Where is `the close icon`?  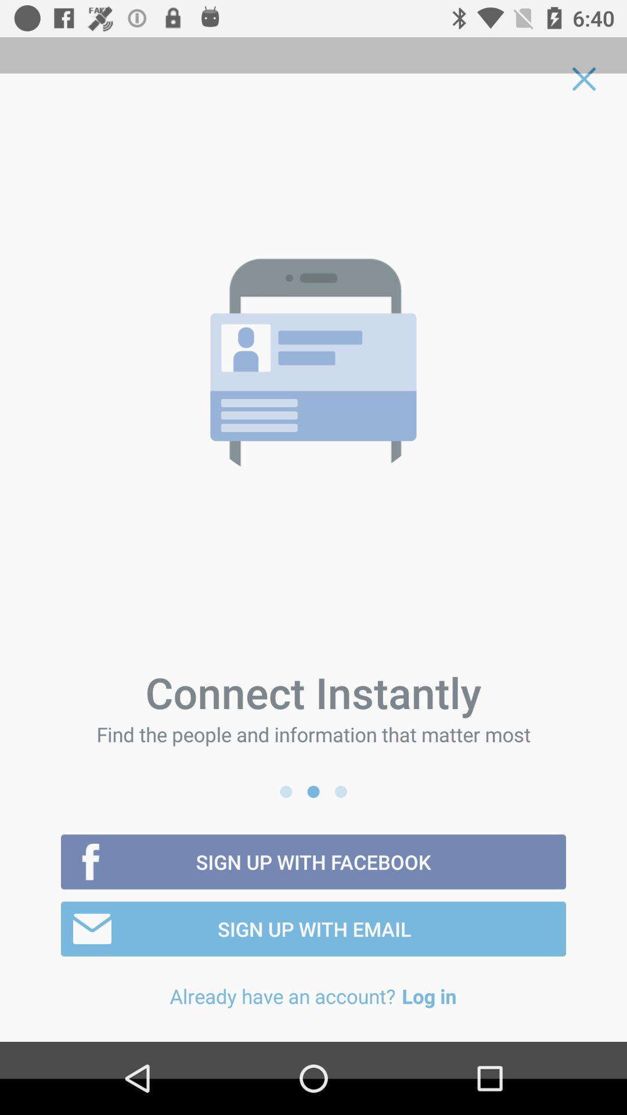
the close icon is located at coordinates (584, 78).